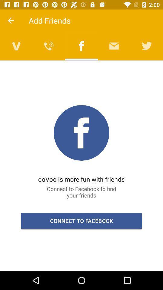  What do you see at coordinates (146, 46) in the screenshot?
I see `the twitter icon` at bounding box center [146, 46].